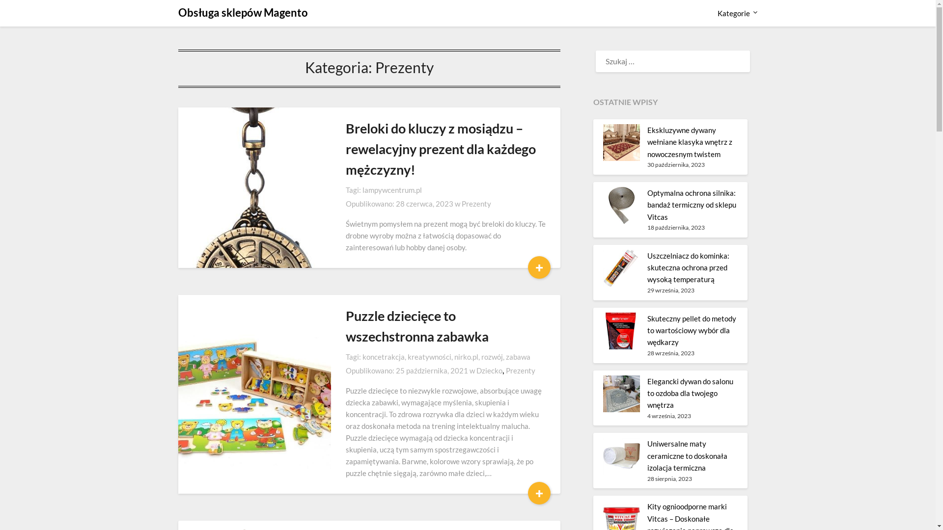 The image size is (943, 530). Describe the element at coordinates (476, 203) in the screenshot. I see `'Prezenty'` at that location.